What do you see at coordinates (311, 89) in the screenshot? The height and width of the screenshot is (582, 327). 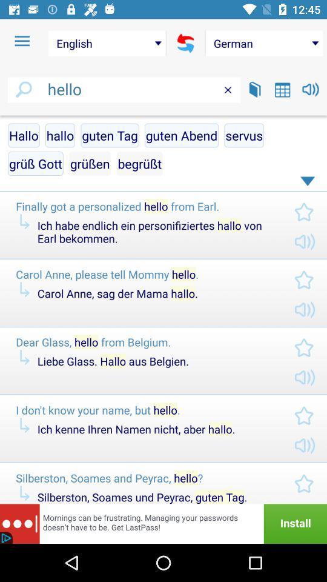 I see `on the speaker` at bounding box center [311, 89].